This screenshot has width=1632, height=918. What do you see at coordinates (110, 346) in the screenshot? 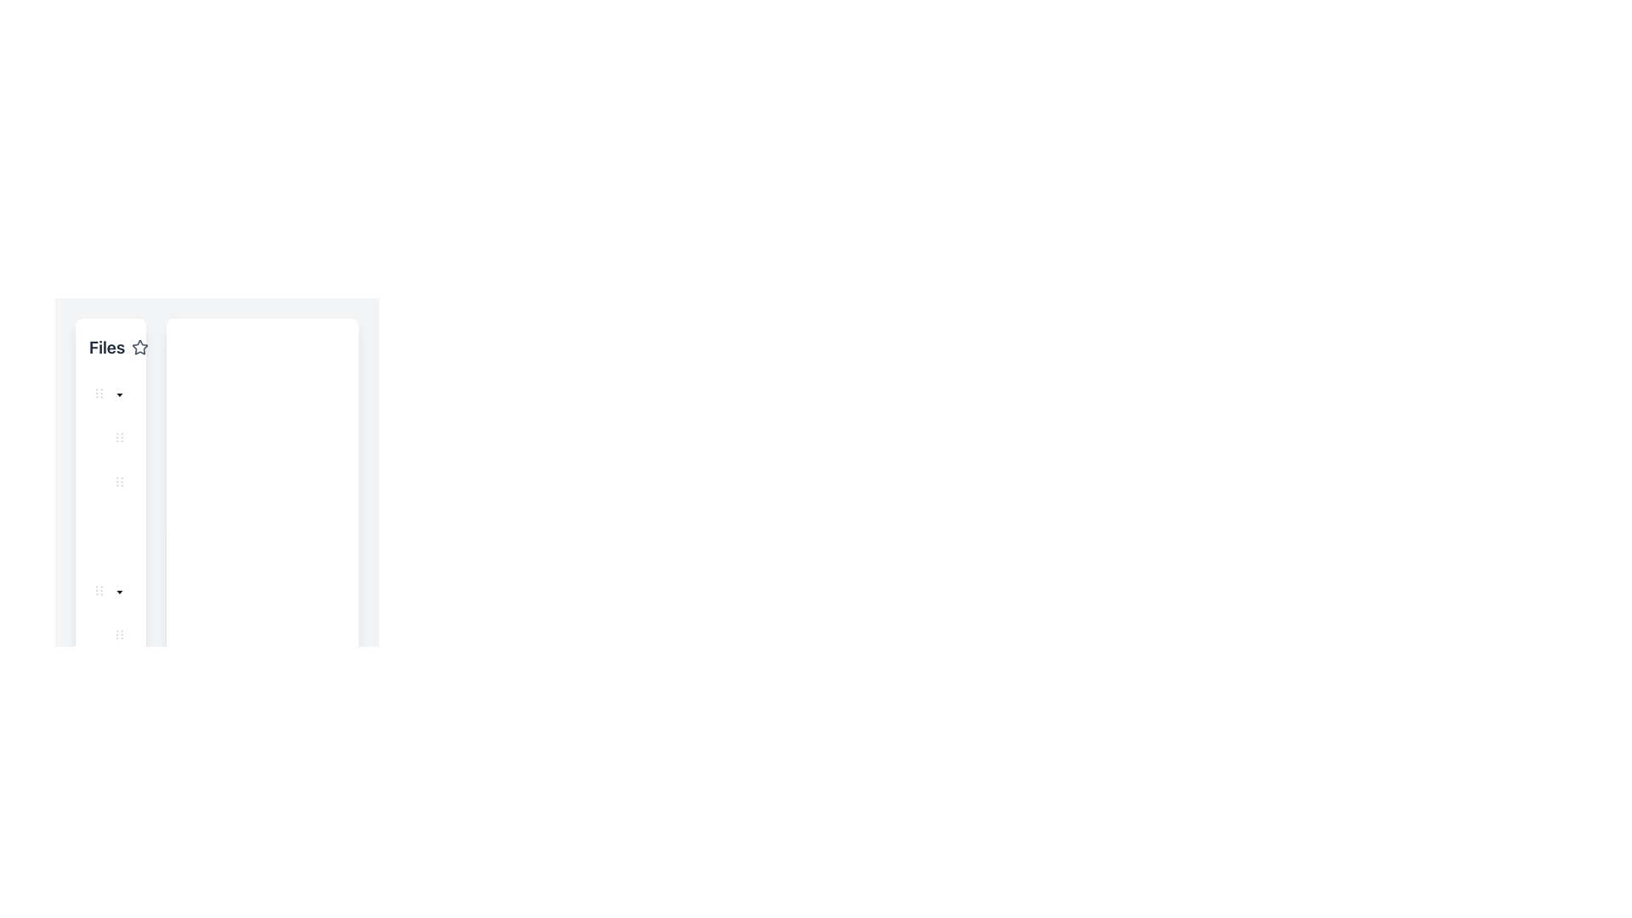
I see `the header text element located at the top of the left sidebar, which serves as a title for a section in the application` at bounding box center [110, 346].